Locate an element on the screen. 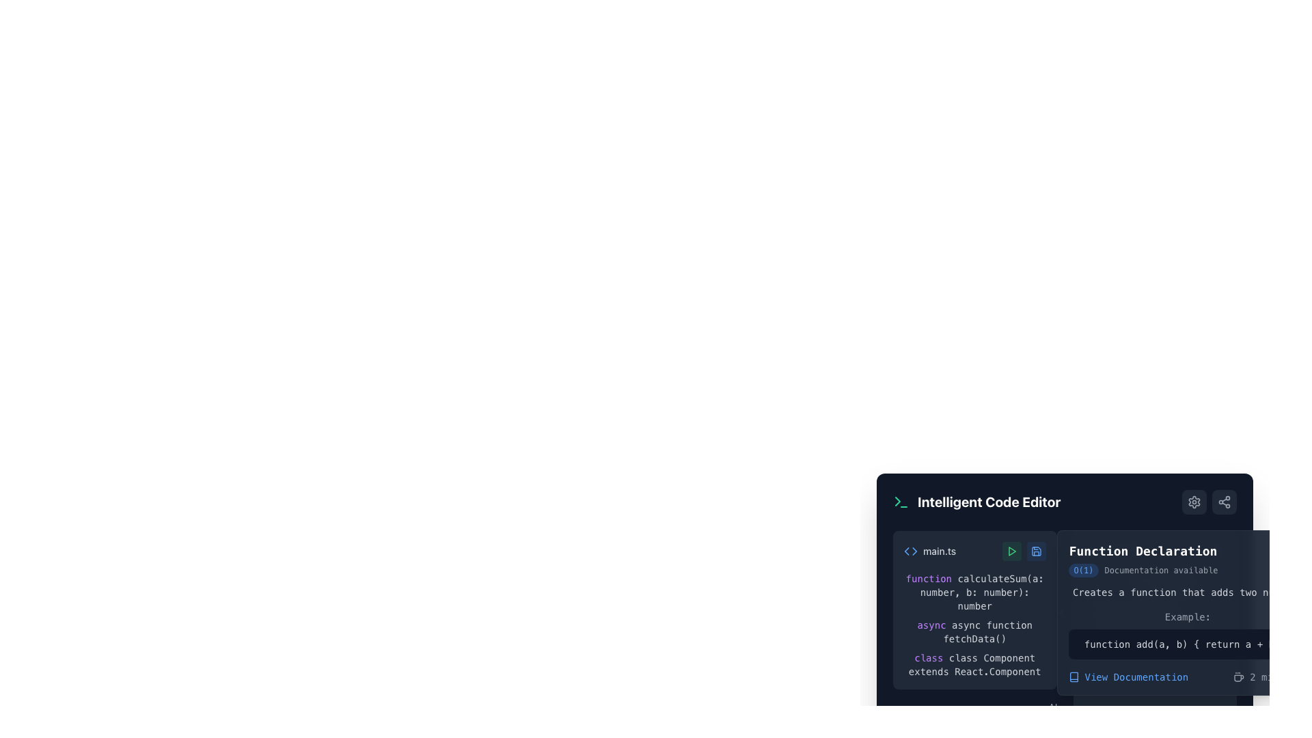  the title text label that indicates the purpose of the interface panel, located centrally aligned in the top section of the dark panel is located at coordinates (989, 502).